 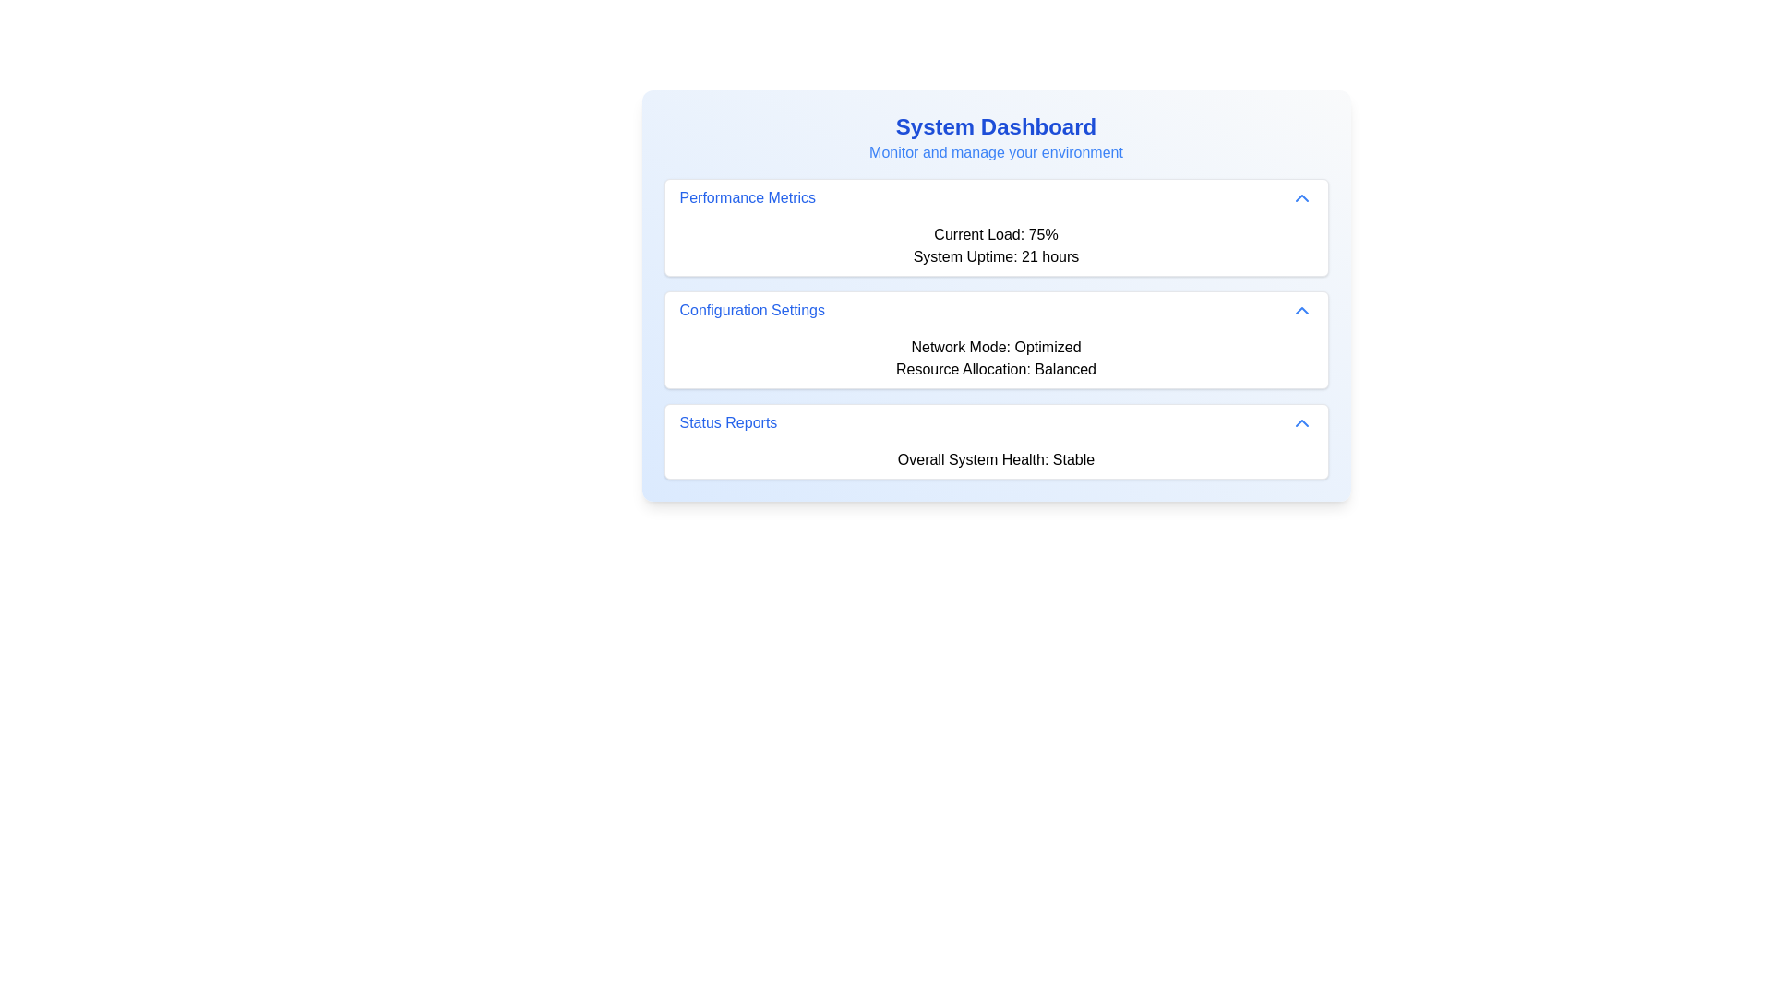 I want to click on the Text Display element that shows the current load of the system, positioned at the first line of text in the 'Performance Metrics' section, so click(x=995, y=233).